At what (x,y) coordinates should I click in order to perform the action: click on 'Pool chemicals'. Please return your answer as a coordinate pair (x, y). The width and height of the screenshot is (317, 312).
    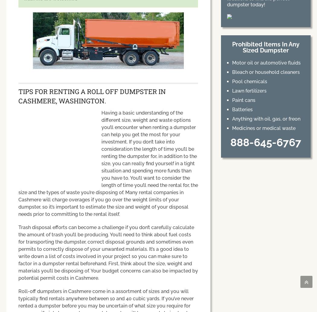
    Looking at the image, I should click on (249, 81).